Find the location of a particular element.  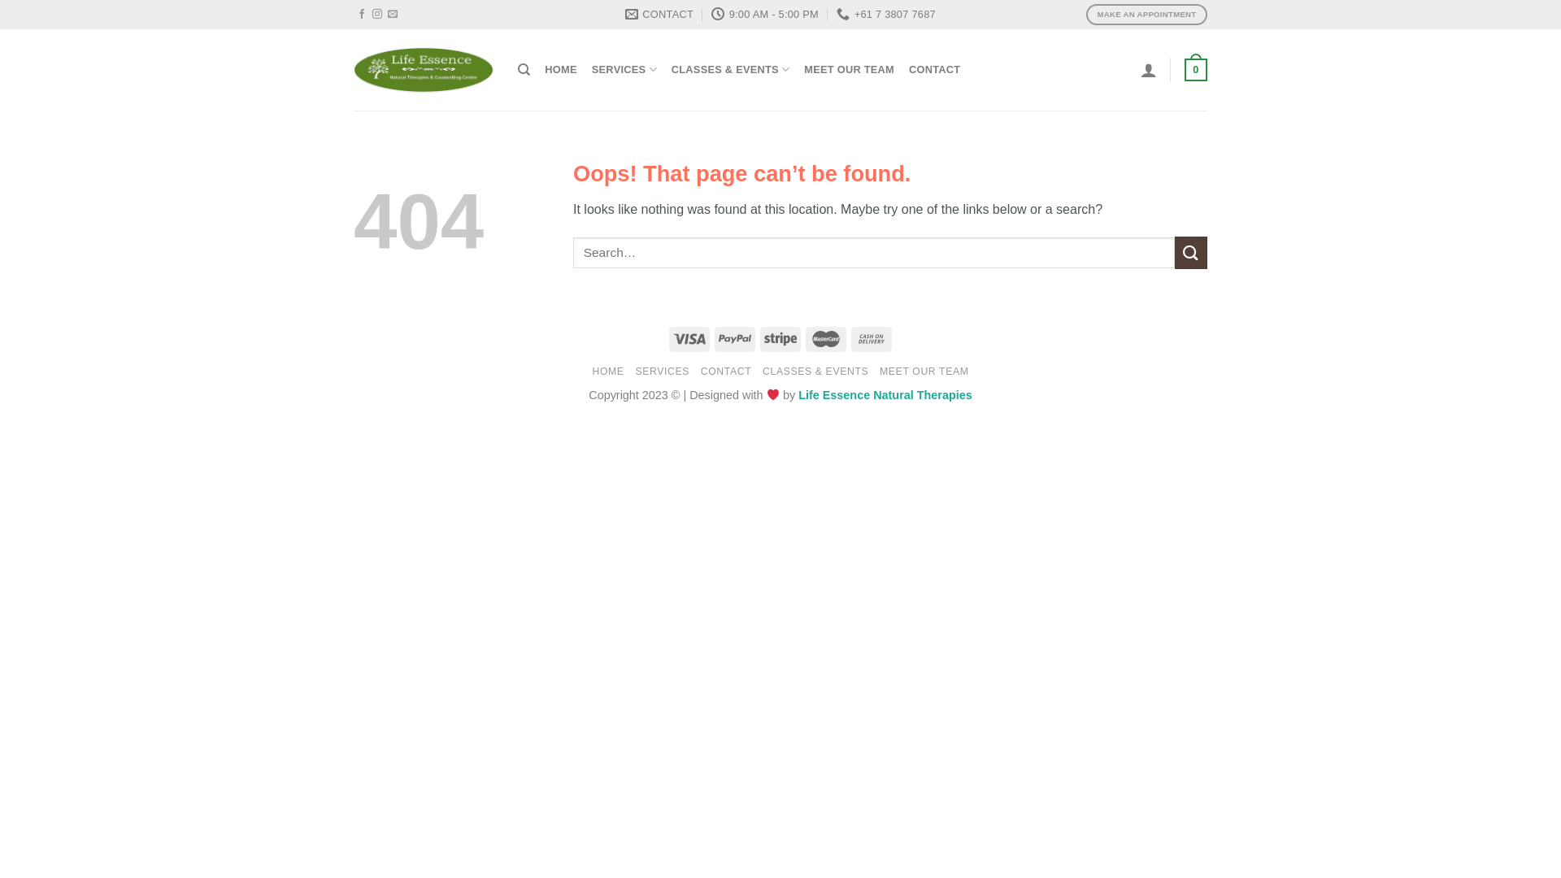

'Life Essence - Natural Therapies & Counselling Centre' is located at coordinates (424, 69).